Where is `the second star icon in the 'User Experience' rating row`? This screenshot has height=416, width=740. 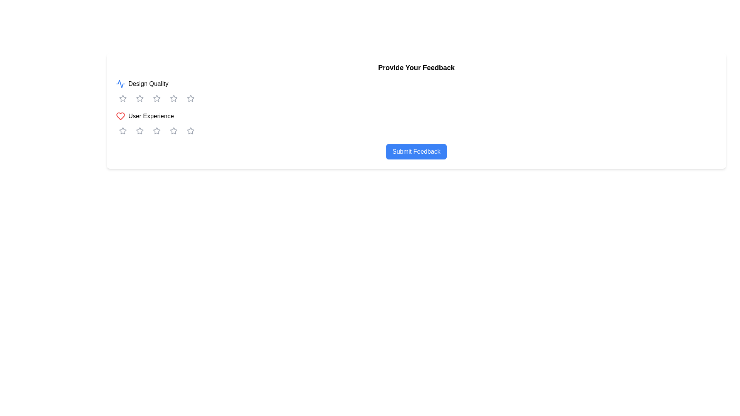
the second star icon in the 'User Experience' rating row is located at coordinates (140, 130).